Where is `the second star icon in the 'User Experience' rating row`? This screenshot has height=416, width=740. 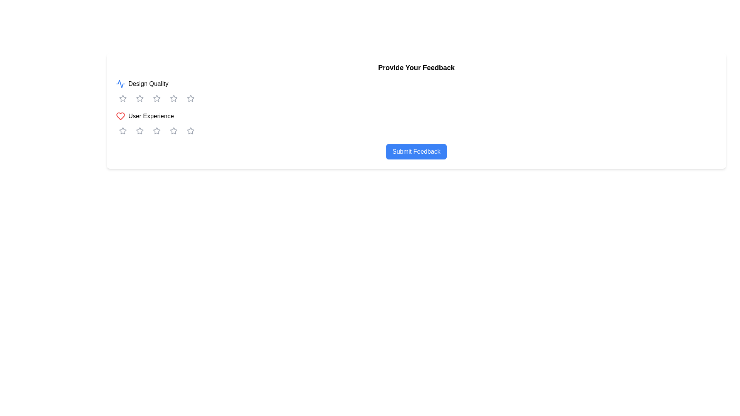
the second star icon in the 'User Experience' rating row is located at coordinates (140, 130).